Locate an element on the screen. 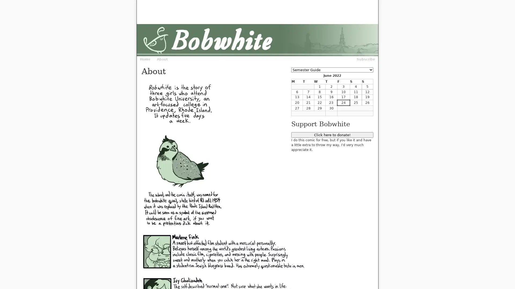 This screenshot has height=289, width=515. Click here to donate! is located at coordinates (332, 135).